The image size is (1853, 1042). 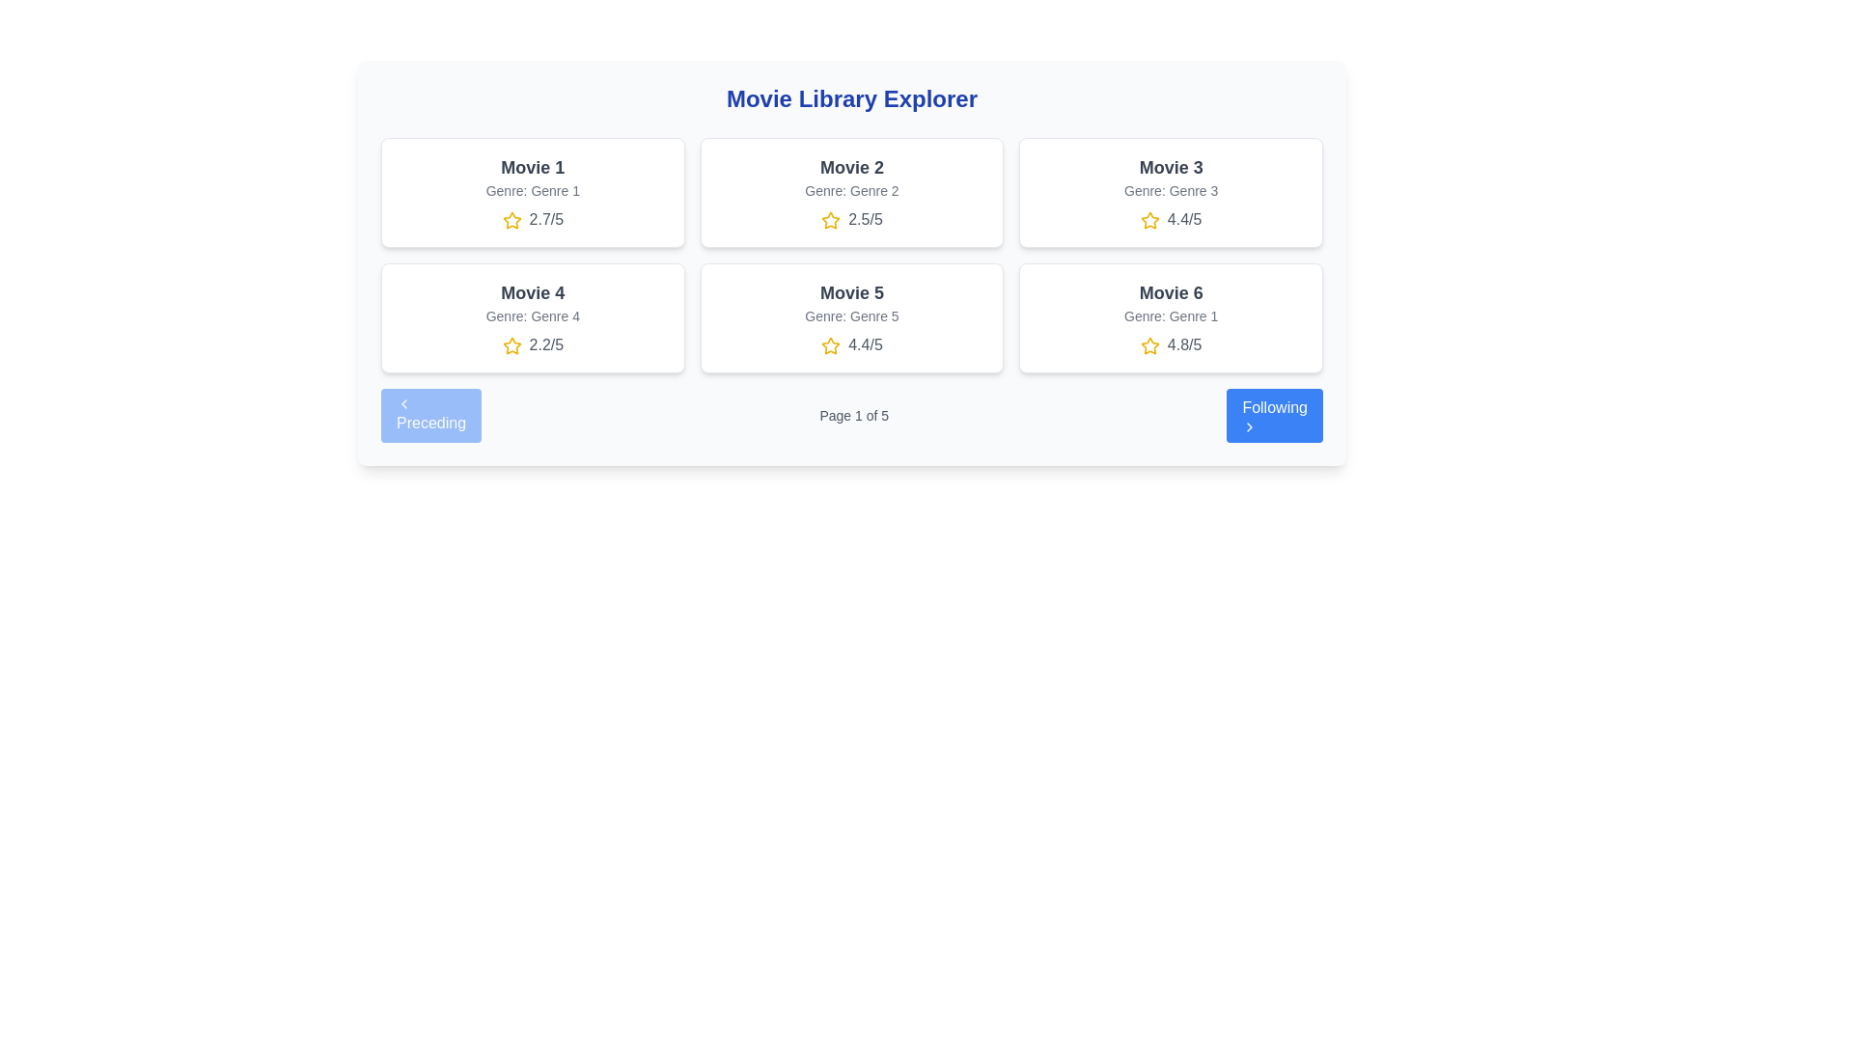 I want to click on the left-facing chevron icon within the 'Preceding' button for visual feedback, so click(x=402, y=403).